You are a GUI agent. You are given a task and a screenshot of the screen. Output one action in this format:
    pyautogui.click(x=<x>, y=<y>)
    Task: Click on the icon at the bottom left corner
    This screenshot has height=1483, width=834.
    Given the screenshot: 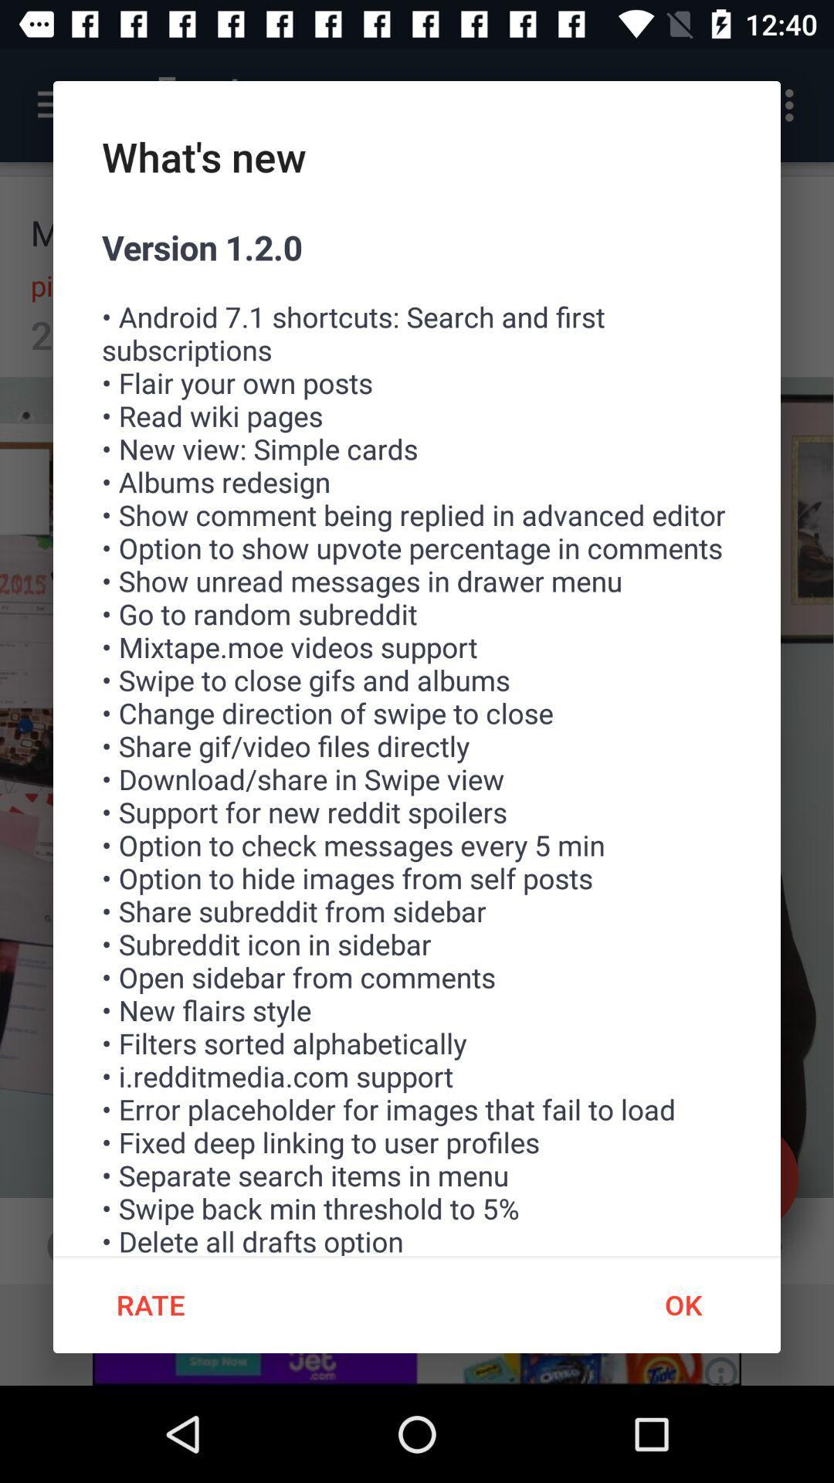 What is the action you would take?
    pyautogui.click(x=151, y=1304)
    